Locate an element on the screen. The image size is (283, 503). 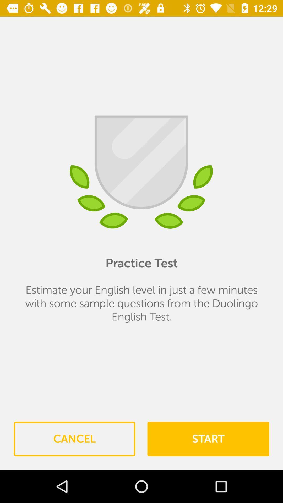
the icon at the bottom left corner is located at coordinates (74, 439).